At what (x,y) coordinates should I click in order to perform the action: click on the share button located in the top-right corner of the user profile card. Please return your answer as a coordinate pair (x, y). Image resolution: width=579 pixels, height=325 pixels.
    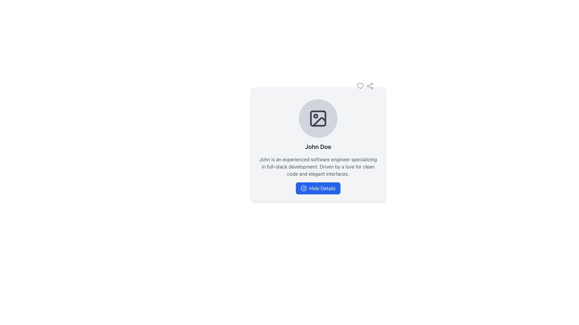
    Looking at the image, I should click on (370, 86).